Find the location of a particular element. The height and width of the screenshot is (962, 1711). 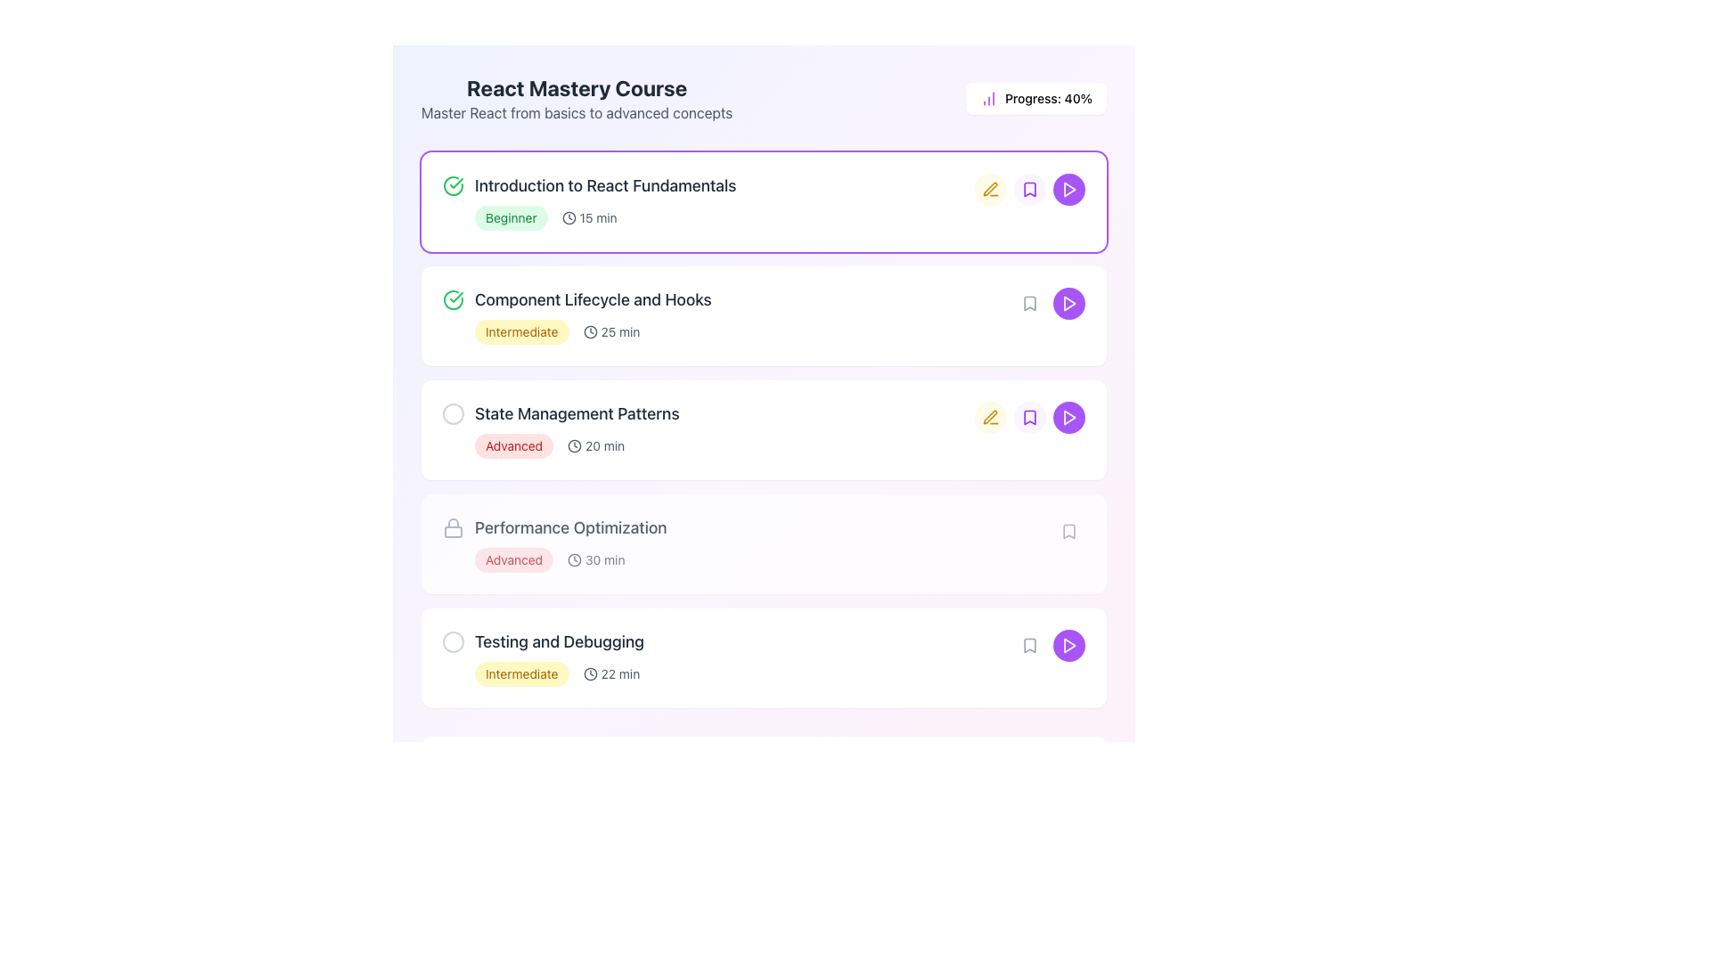

text label 'State Management Patterns' that is styled in bold sans-serif font and positioned within the third item of a vertical list of course modules, to the right of a circular marker is located at coordinates (577, 414).